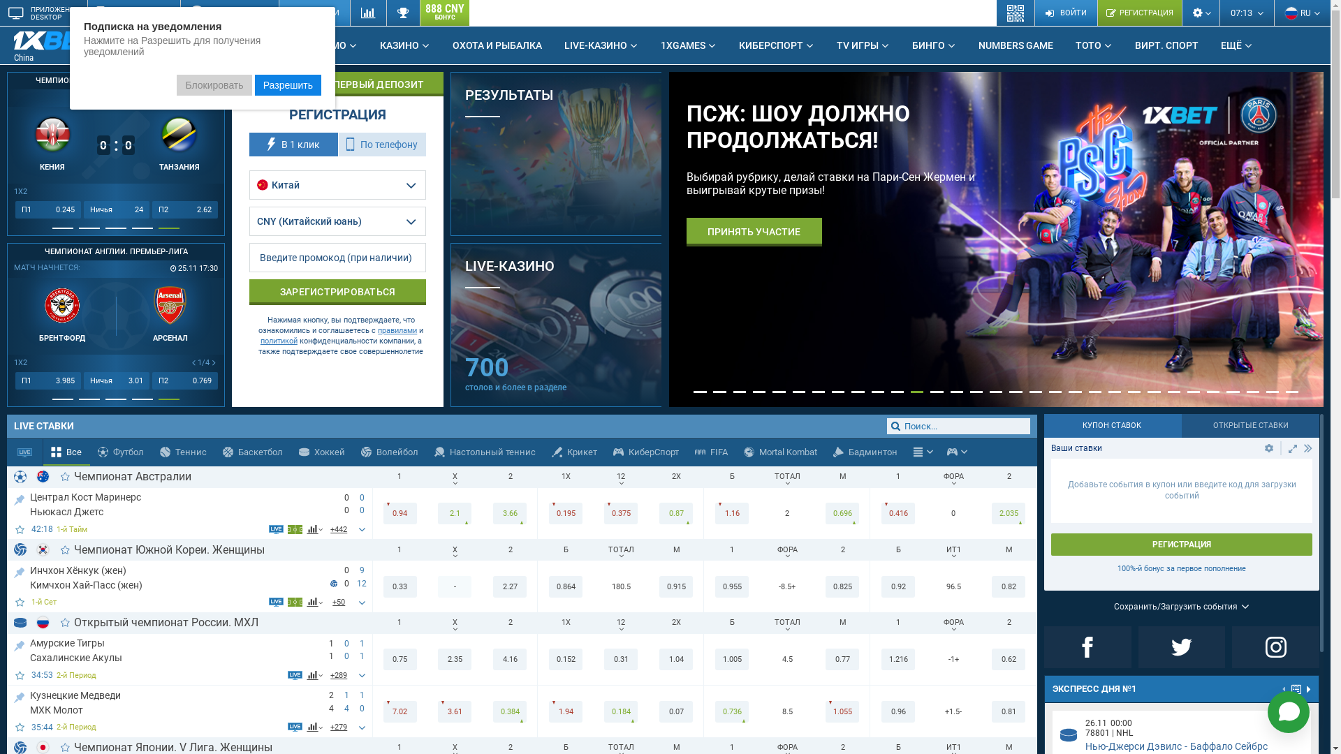  Describe the element at coordinates (339, 674) in the screenshot. I see `'+289'` at that location.